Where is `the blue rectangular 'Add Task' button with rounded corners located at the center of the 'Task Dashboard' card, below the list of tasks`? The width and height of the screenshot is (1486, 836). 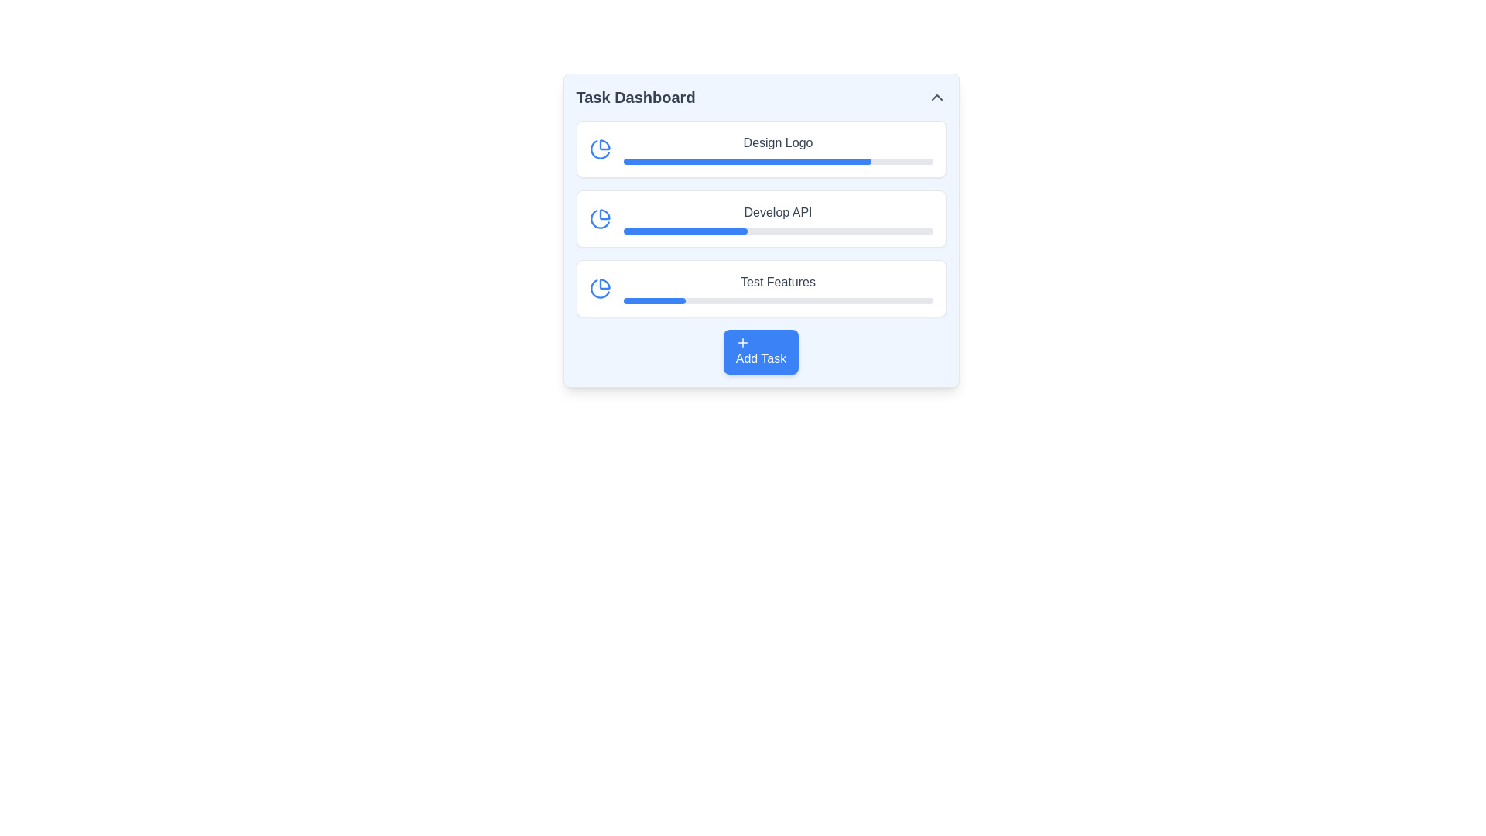
the blue rectangular 'Add Task' button with rounded corners located at the center of the 'Task Dashboard' card, below the list of tasks is located at coordinates (761, 352).